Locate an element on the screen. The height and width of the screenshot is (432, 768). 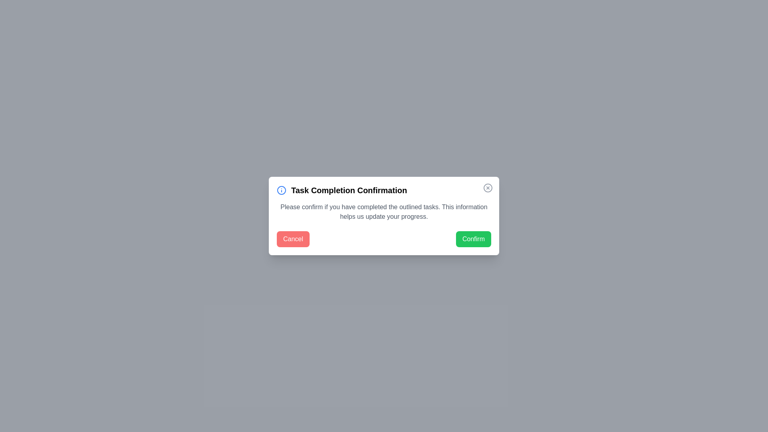
the informational icon to observe its purpose is located at coordinates (282, 190).